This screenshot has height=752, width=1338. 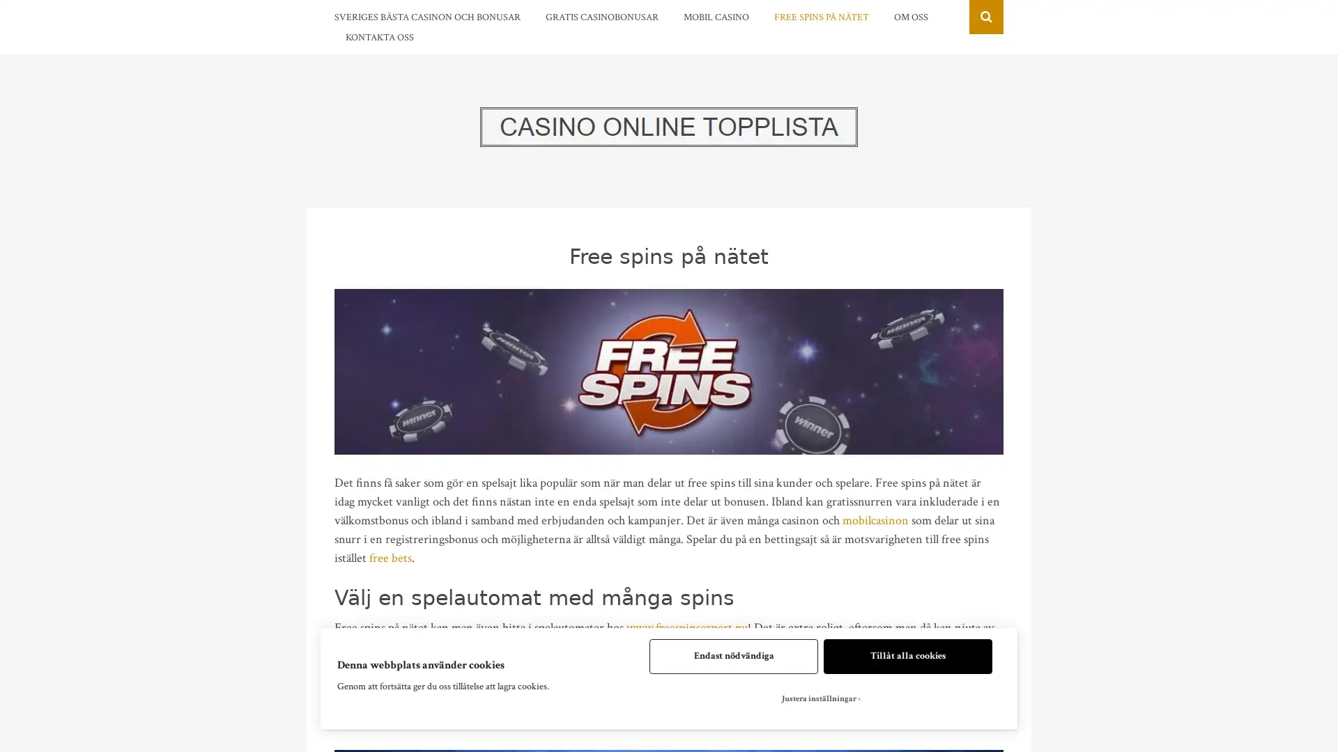 What do you see at coordinates (732, 656) in the screenshot?
I see `Endast nodvandiga` at bounding box center [732, 656].